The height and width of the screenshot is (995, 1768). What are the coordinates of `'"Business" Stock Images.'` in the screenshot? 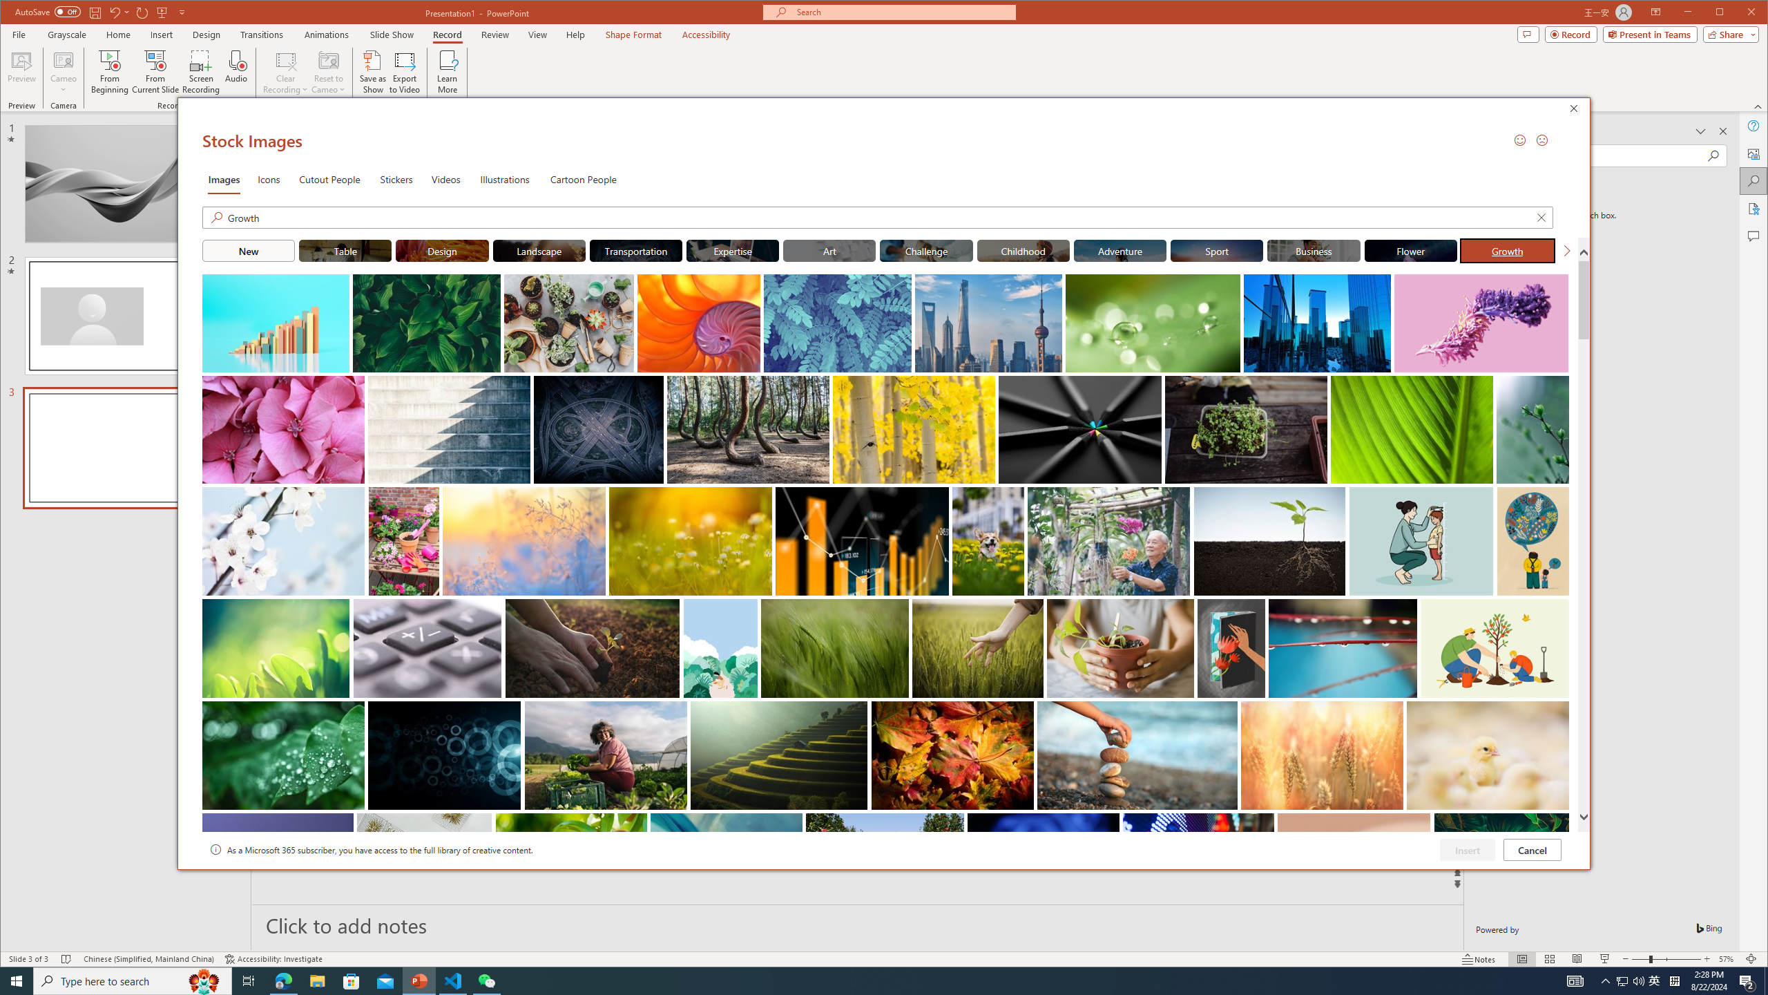 It's located at (1314, 249).